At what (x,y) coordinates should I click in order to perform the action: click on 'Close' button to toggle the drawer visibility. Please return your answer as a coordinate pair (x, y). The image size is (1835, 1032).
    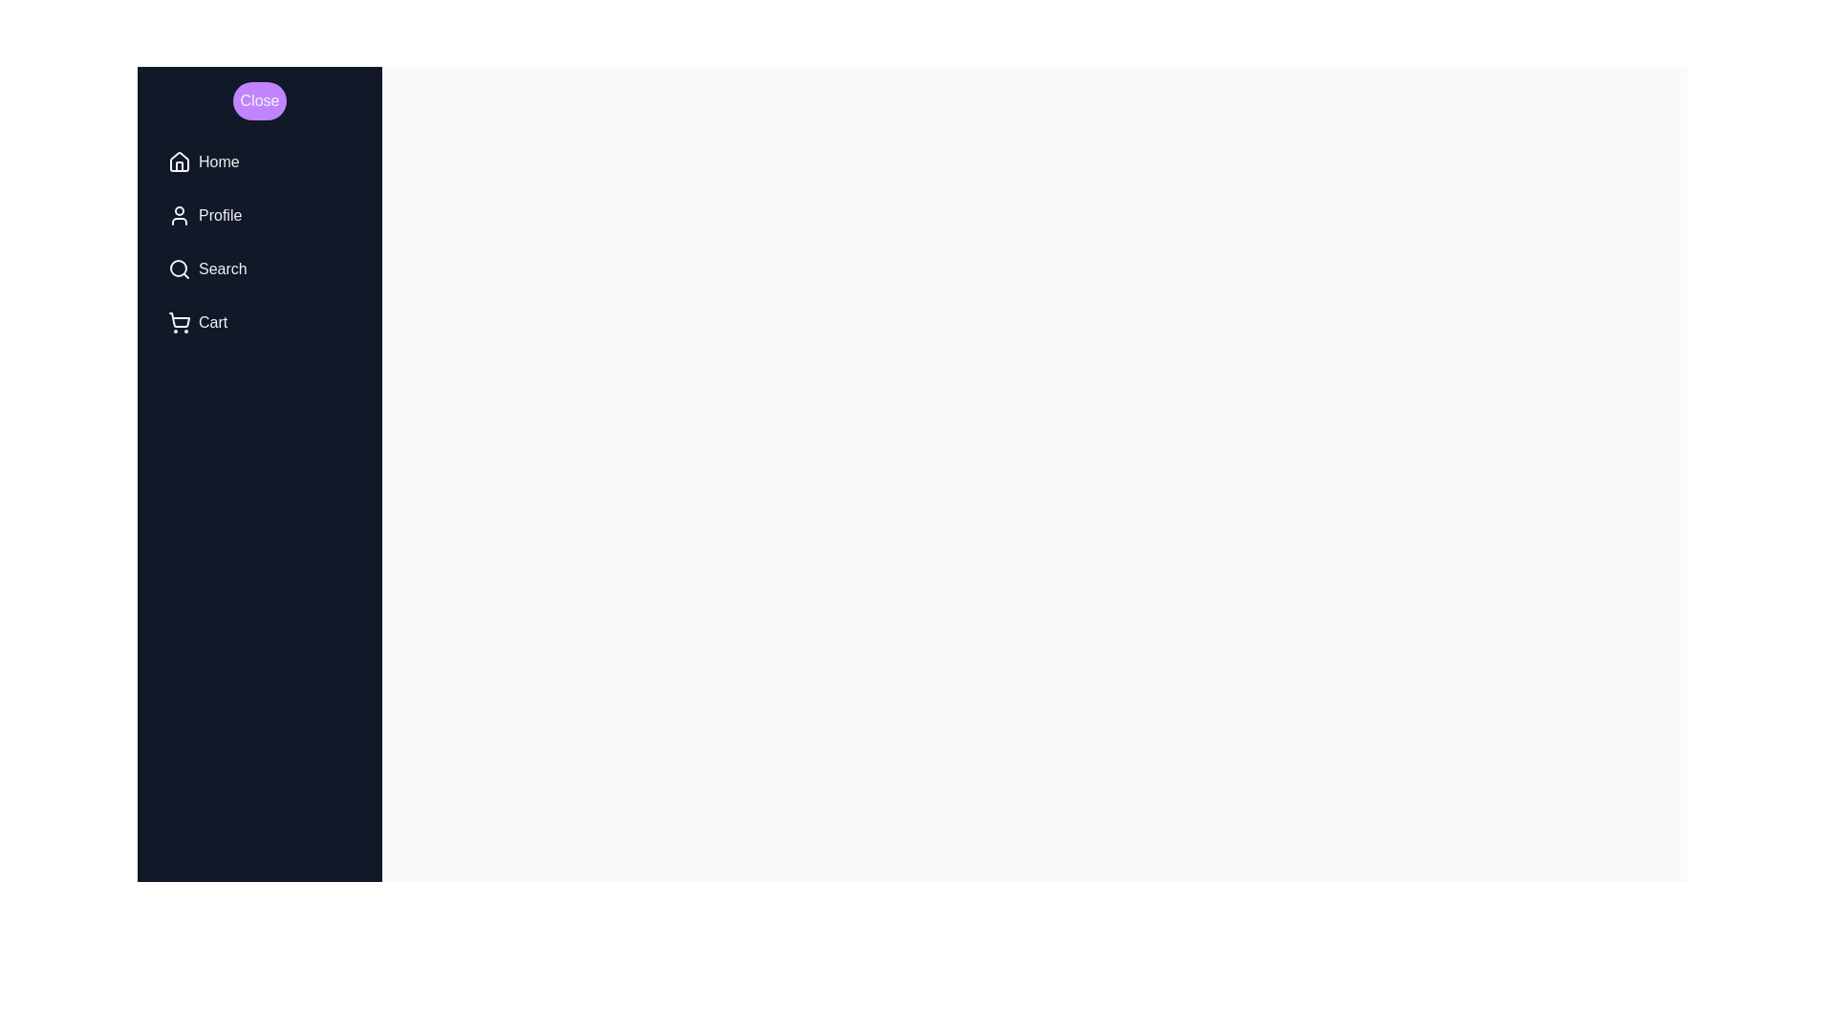
    Looking at the image, I should click on (259, 100).